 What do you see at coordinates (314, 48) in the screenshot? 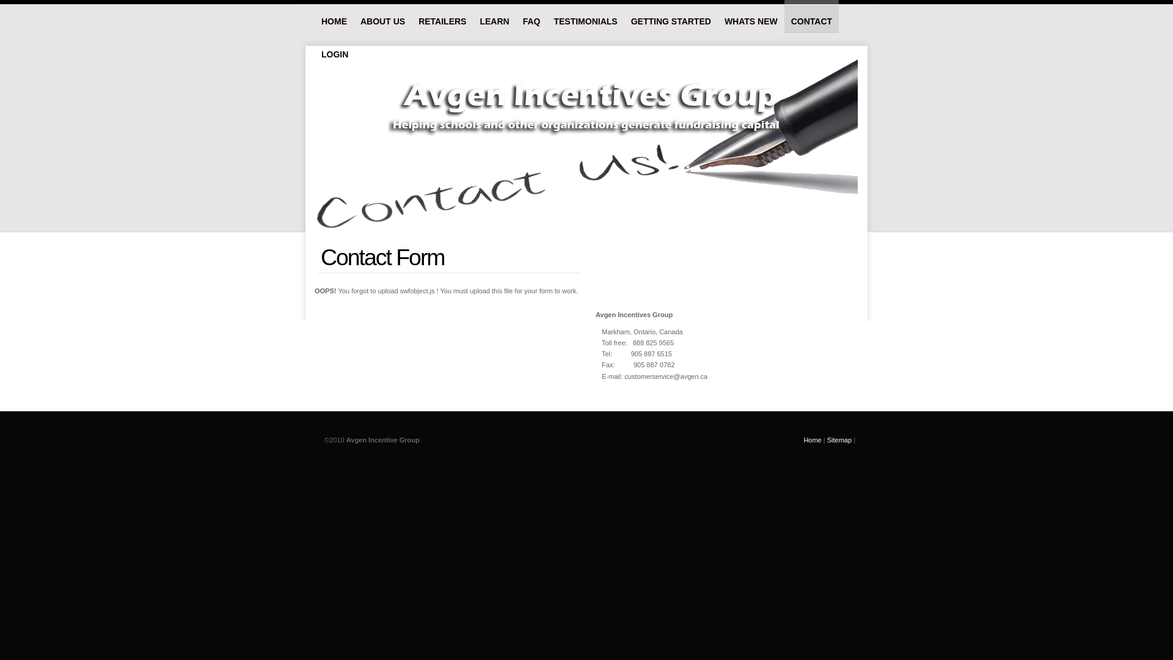
I see `'LOGIN'` at bounding box center [314, 48].